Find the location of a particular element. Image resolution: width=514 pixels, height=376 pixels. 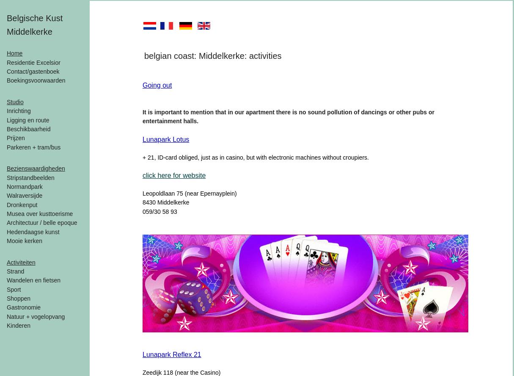

'It is important to mention that in our apartment there is no sound  pollution of dancings or other pubs or  entertainment halls.' is located at coordinates (288, 116).